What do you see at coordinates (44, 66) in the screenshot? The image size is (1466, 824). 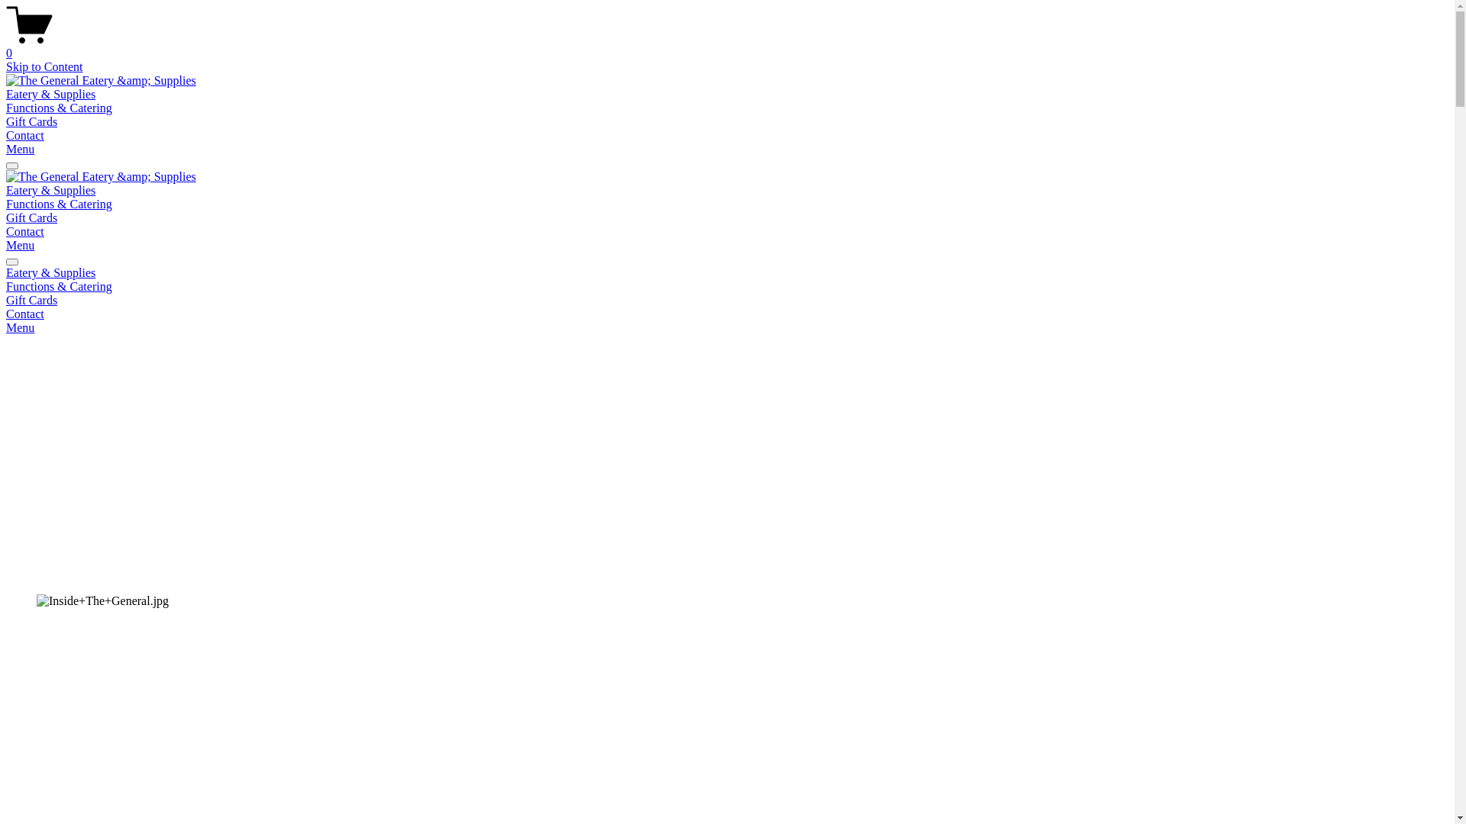 I see `'Skip to Content'` at bounding box center [44, 66].